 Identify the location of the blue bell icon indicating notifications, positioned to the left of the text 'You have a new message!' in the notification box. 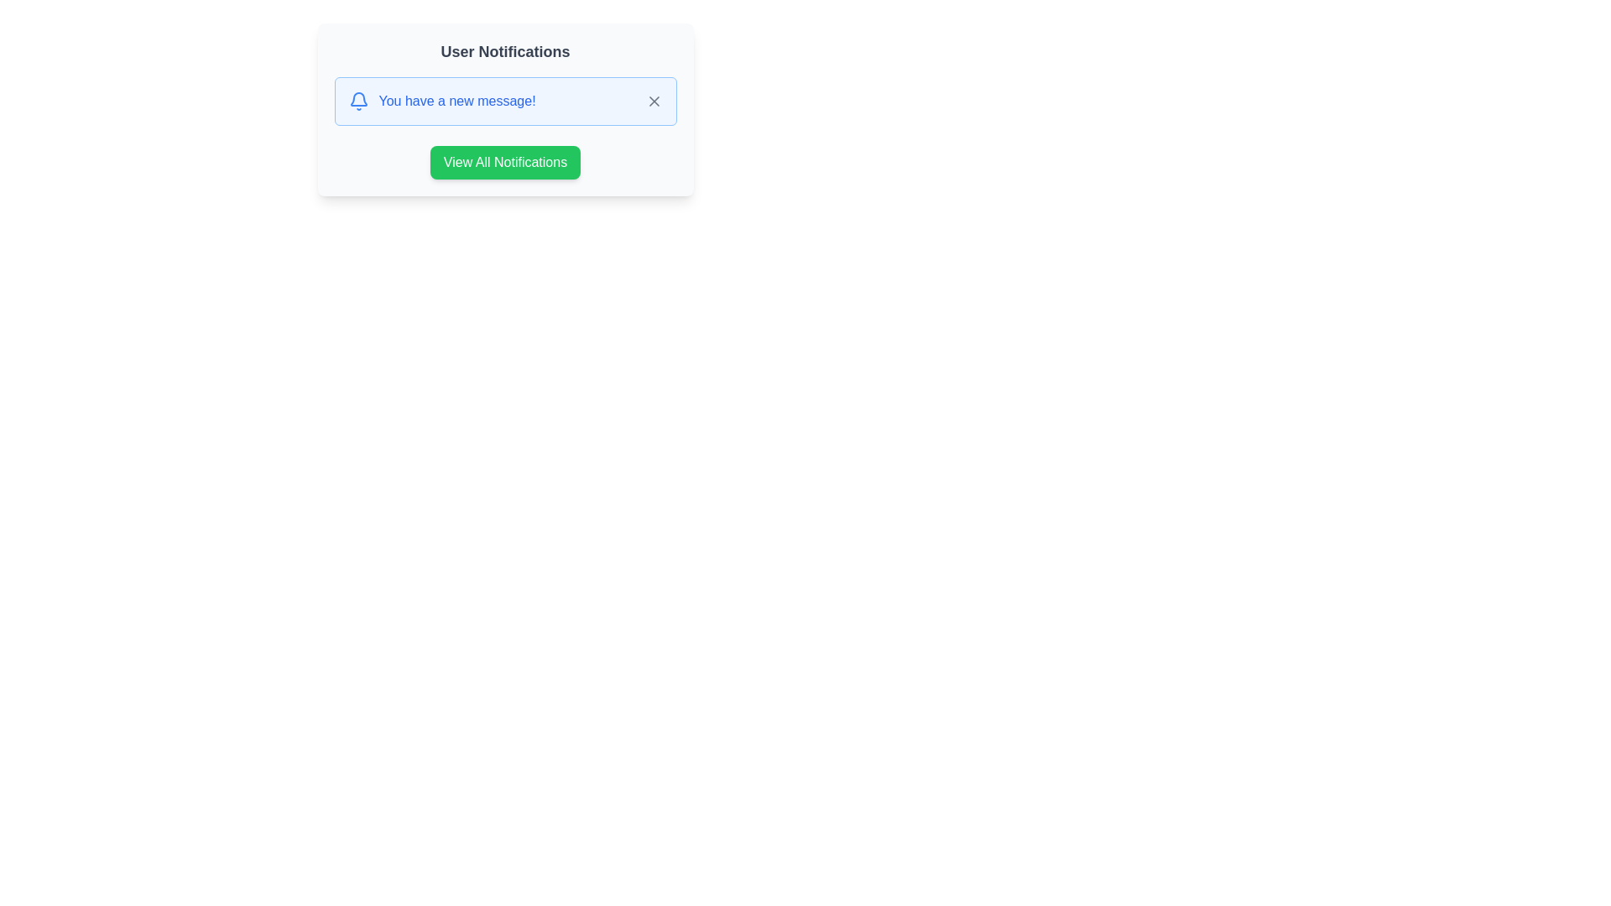
(357, 101).